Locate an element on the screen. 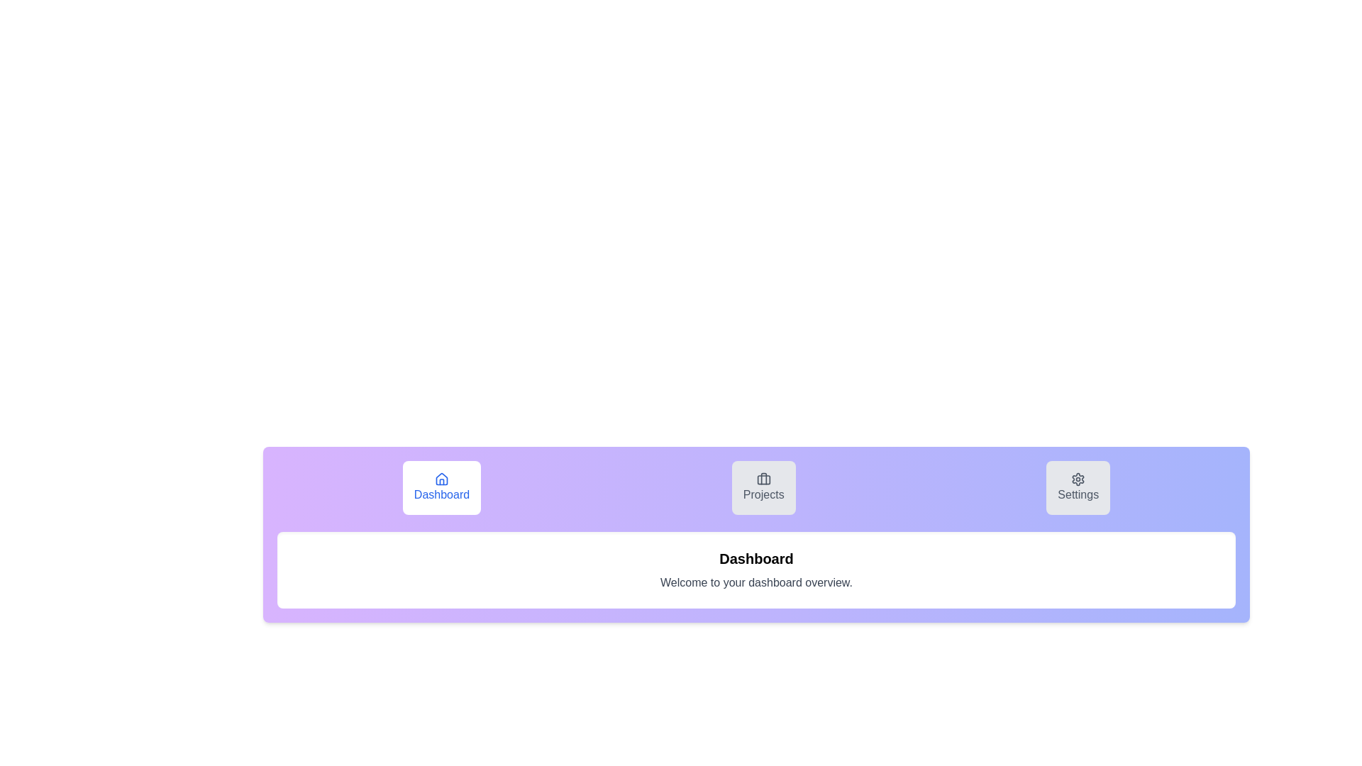 This screenshot has height=766, width=1362. the Settings tab by clicking on its button is located at coordinates (1078, 487).